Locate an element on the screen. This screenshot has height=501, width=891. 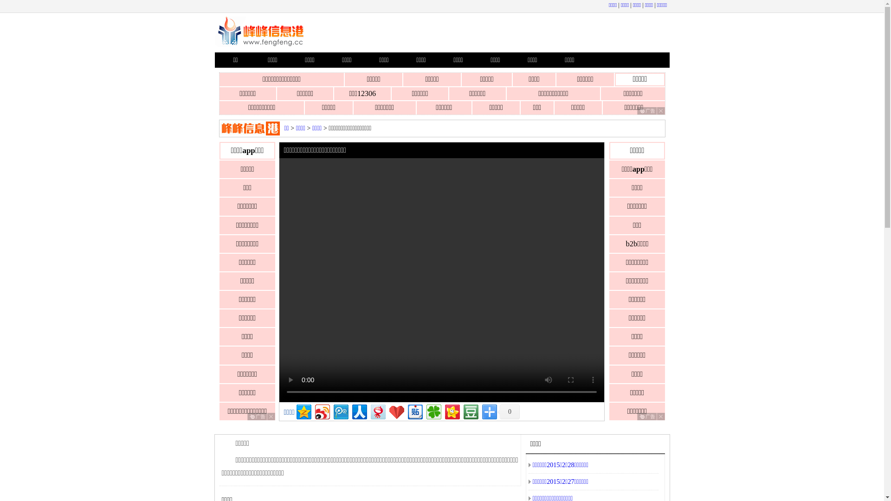
'0' is located at coordinates (508, 411).